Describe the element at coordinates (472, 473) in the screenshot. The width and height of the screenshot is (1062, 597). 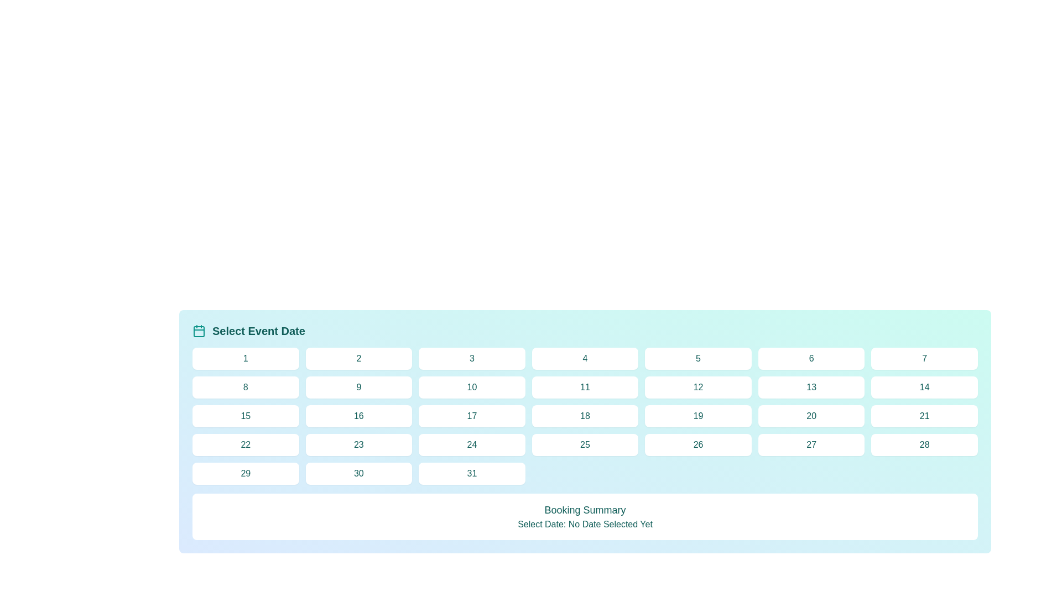
I see `the button displaying the numeric text '31' which has a teal-colored text on a white background, located in the last column of the grid layout` at that location.